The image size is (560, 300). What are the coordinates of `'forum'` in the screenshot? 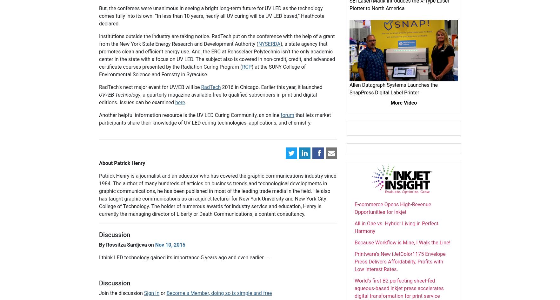 It's located at (287, 115).